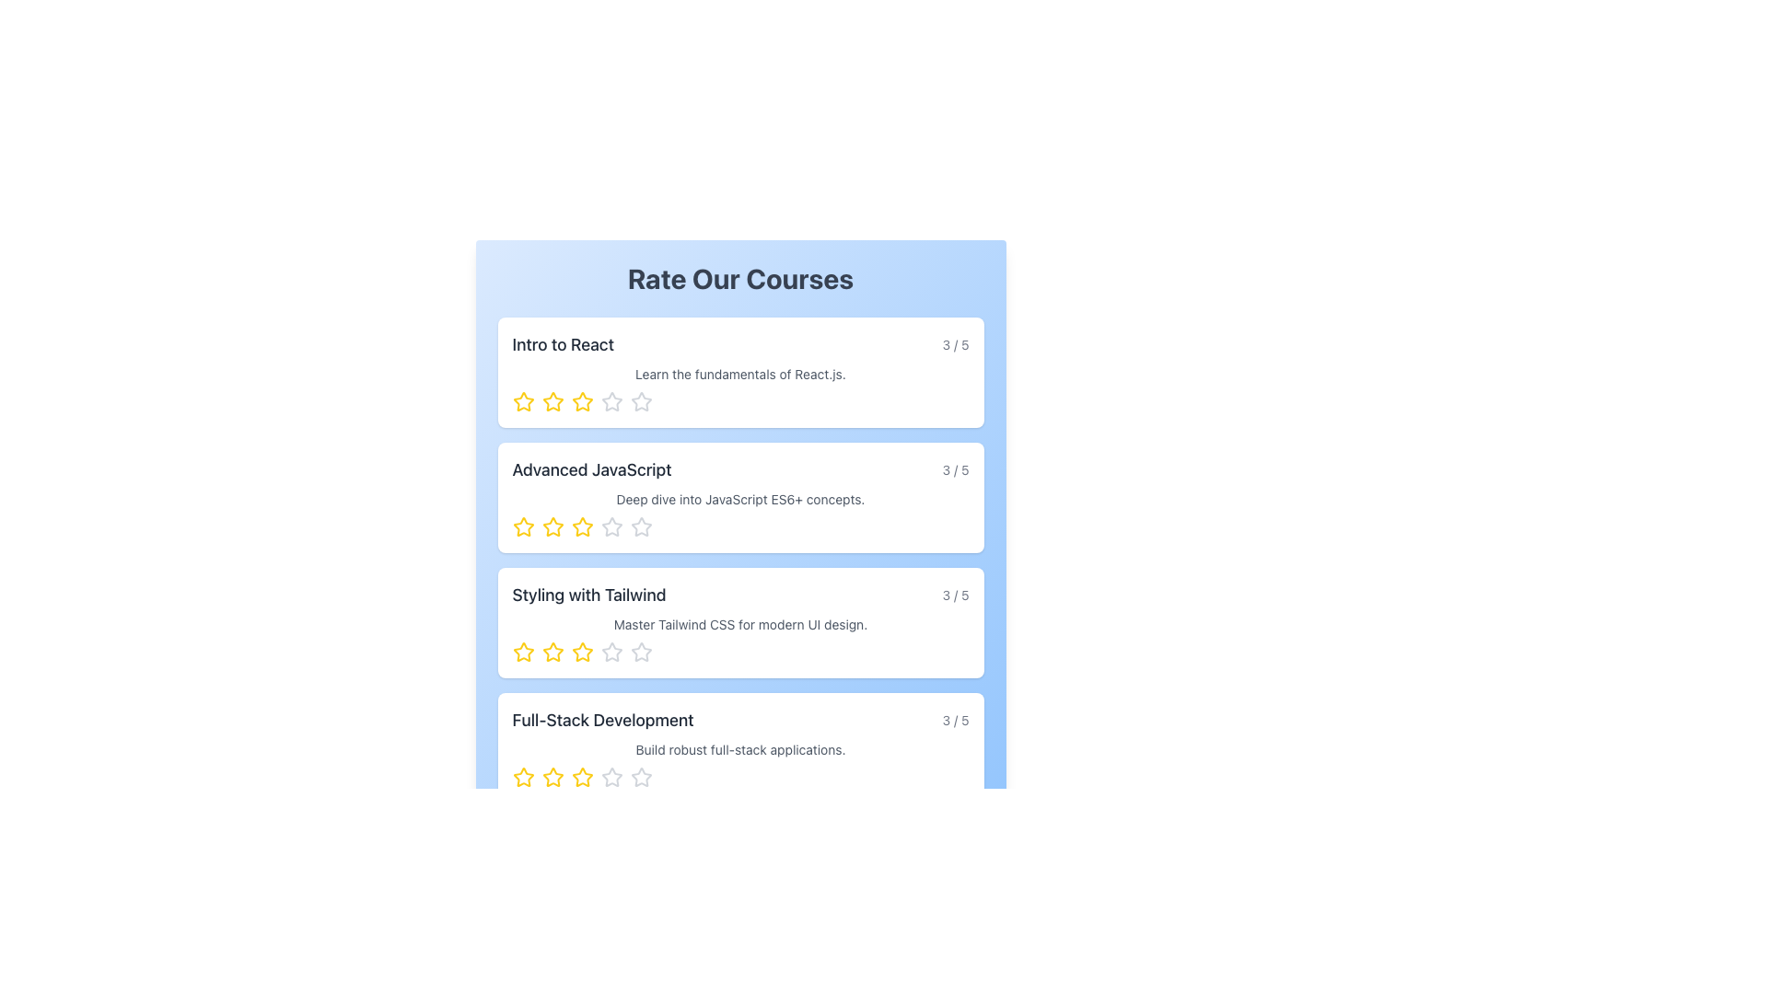  I want to click on the second rating star icon for the 'Intro to React' course, which is a yellow star-shaped component located between the first and third stars in the rating section, so click(581, 400).